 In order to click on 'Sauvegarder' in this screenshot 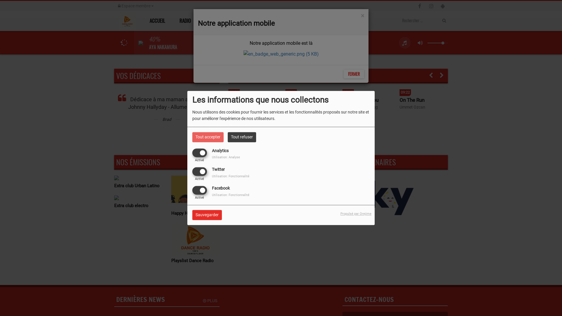, I will do `click(207, 215)`.